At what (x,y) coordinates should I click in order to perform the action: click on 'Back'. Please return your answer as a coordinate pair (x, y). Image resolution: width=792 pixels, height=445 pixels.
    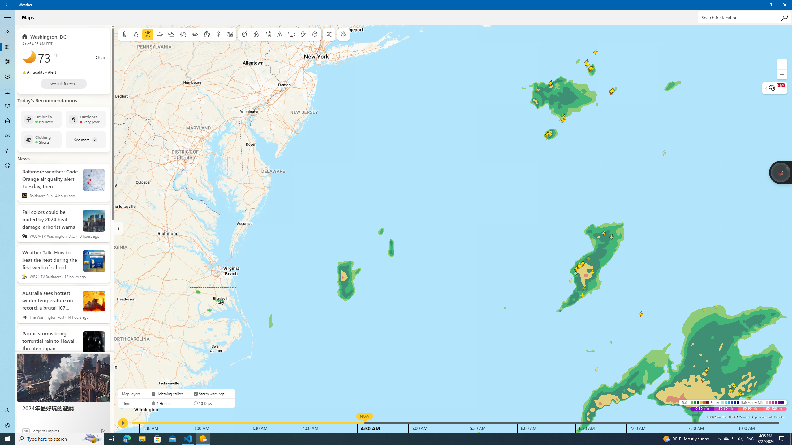
    Looking at the image, I should click on (7, 5).